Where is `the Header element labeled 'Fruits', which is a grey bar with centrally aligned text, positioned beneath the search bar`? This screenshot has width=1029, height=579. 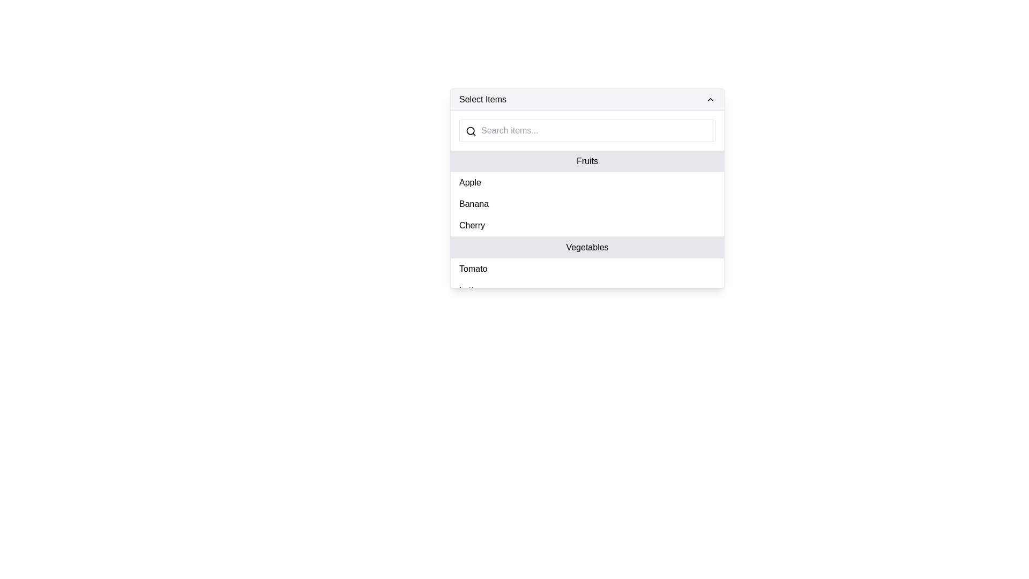 the Header element labeled 'Fruits', which is a grey bar with centrally aligned text, positioned beneath the search bar is located at coordinates (586, 161).